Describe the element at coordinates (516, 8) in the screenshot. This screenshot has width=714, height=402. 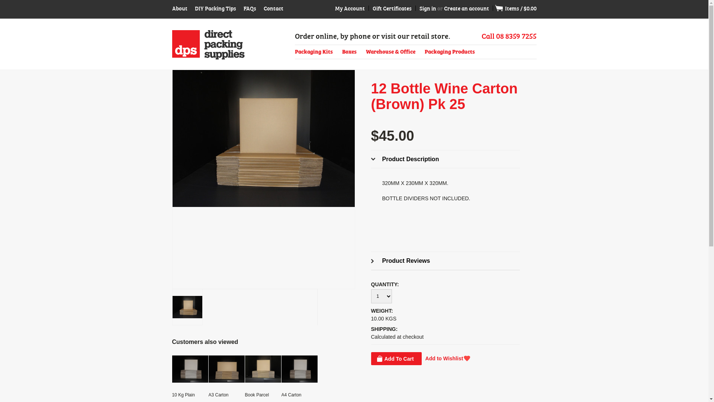
I see `' Items / $0.00'` at that location.